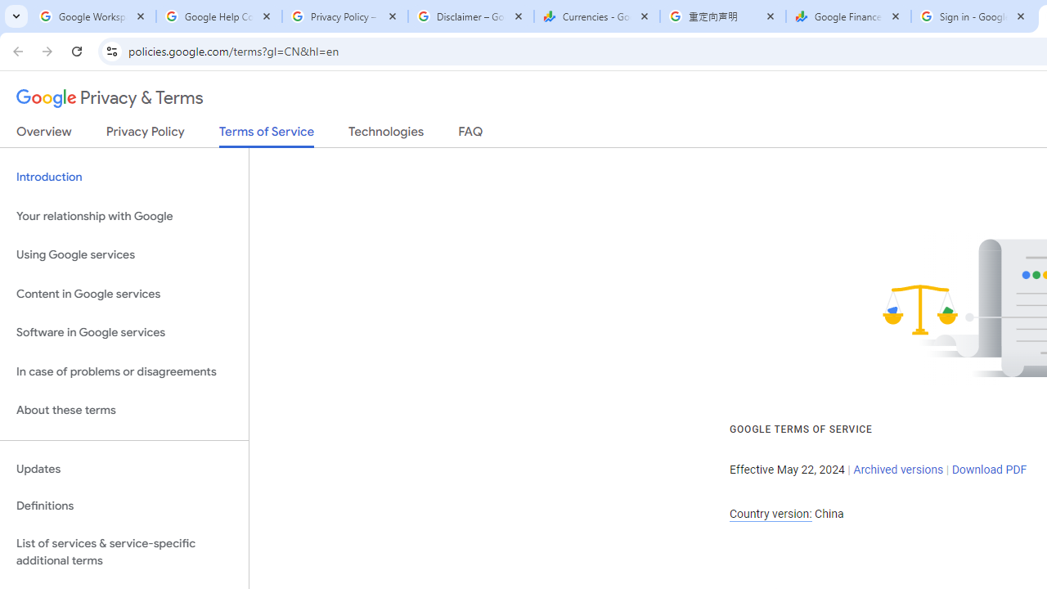  Describe the element at coordinates (124, 371) in the screenshot. I see `'In case of problems or disagreements'` at that location.